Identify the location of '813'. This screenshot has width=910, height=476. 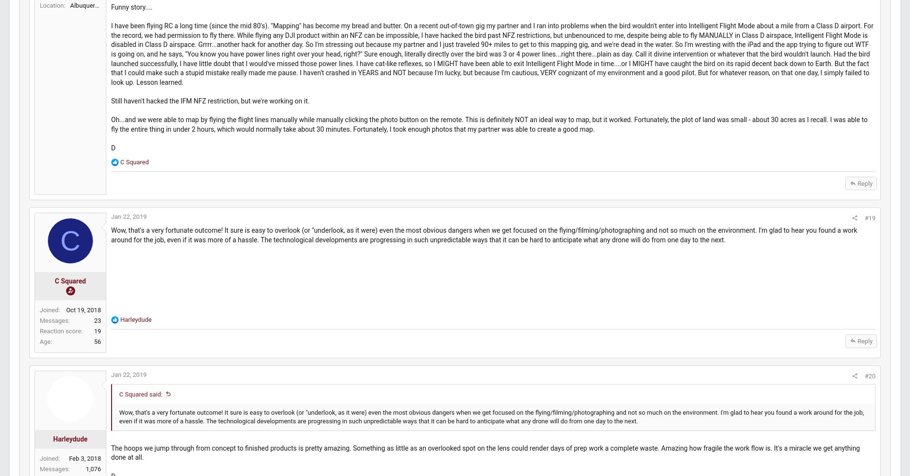
(118, 14).